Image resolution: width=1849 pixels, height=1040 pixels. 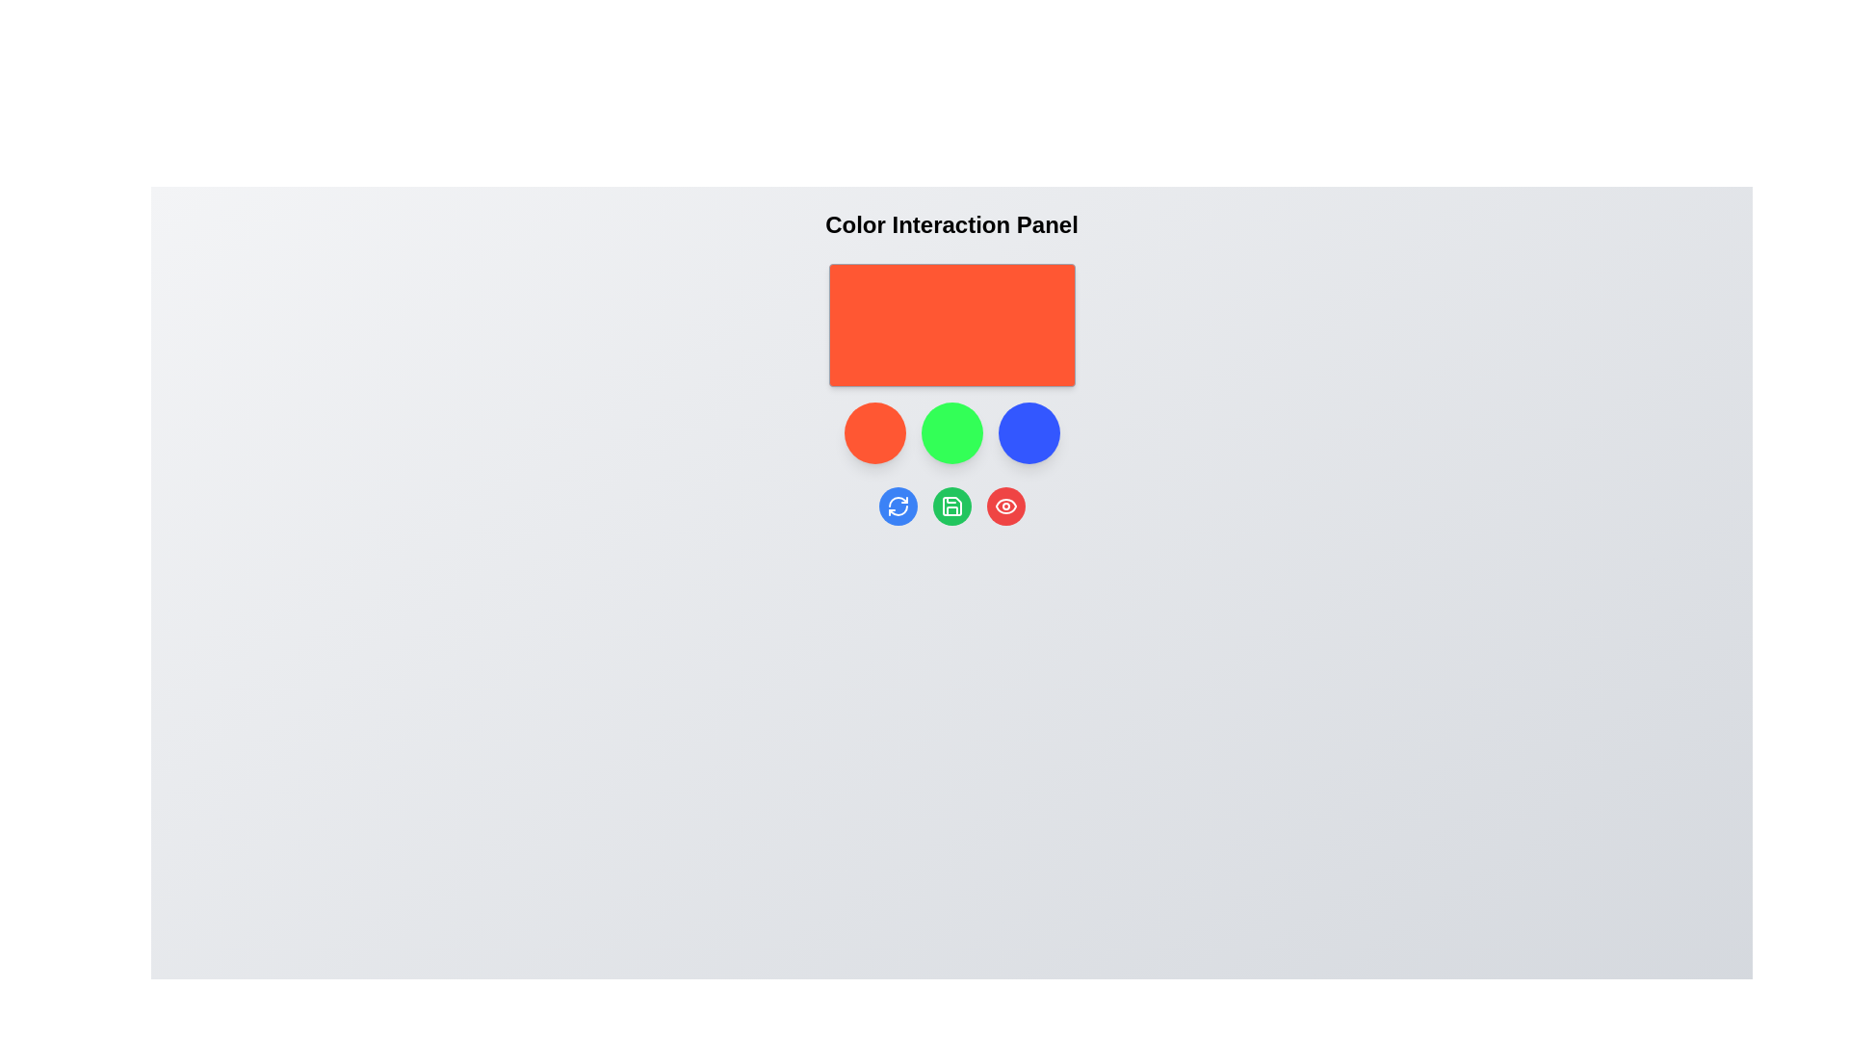 What do you see at coordinates (951, 505) in the screenshot?
I see `the green circular save icon button located in the Color Interaction Panel, which is the third button from the left` at bounding box center [951, 505].